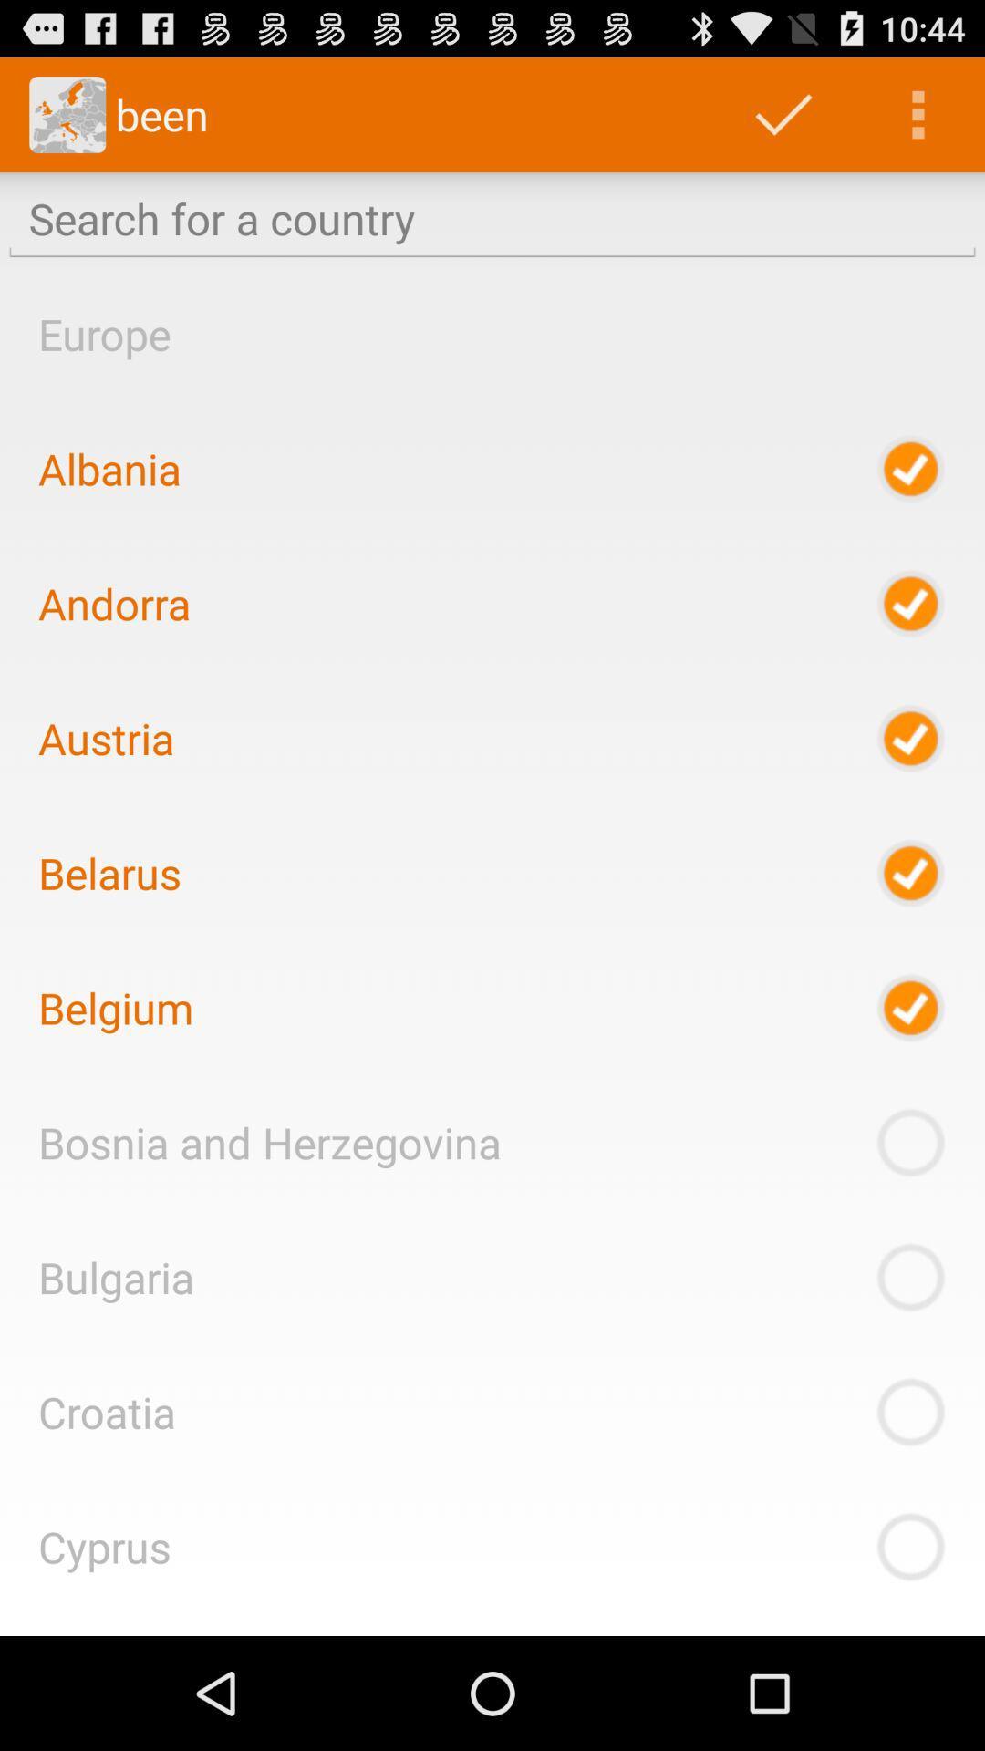 The height and width of the screenshot is (1751, 985). Describe the element at coordinates (109, 872) in the screenshot. I see `belarus item` at that location.